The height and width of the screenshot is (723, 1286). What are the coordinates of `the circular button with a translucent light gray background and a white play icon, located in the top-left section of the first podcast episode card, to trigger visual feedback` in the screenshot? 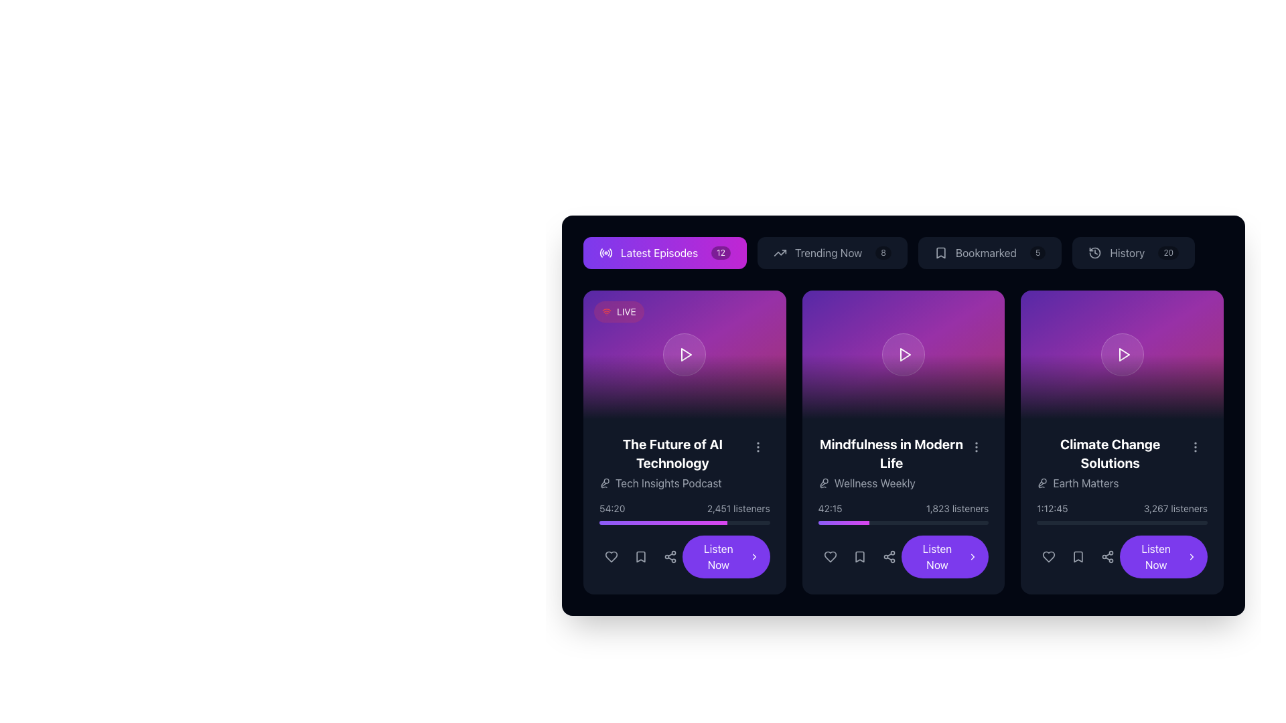 It's located at (685, 353).